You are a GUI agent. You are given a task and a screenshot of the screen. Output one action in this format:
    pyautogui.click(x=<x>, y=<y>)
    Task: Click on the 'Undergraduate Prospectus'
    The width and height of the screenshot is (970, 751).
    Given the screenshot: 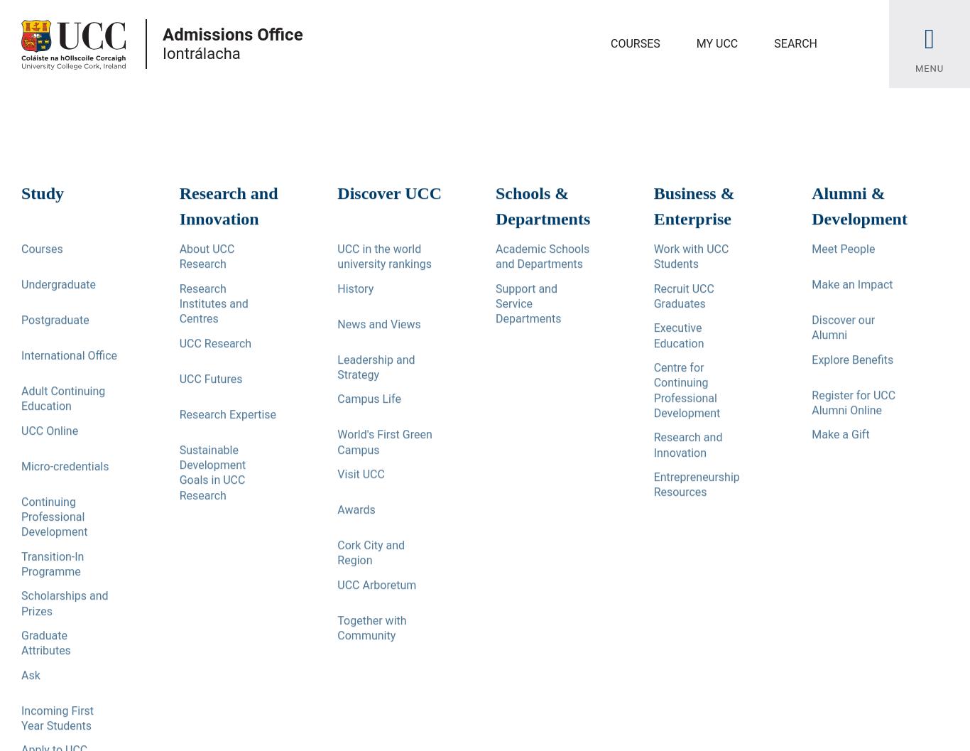 What is the action you would take?
    pyautogui.click(x=98, y=383)
    